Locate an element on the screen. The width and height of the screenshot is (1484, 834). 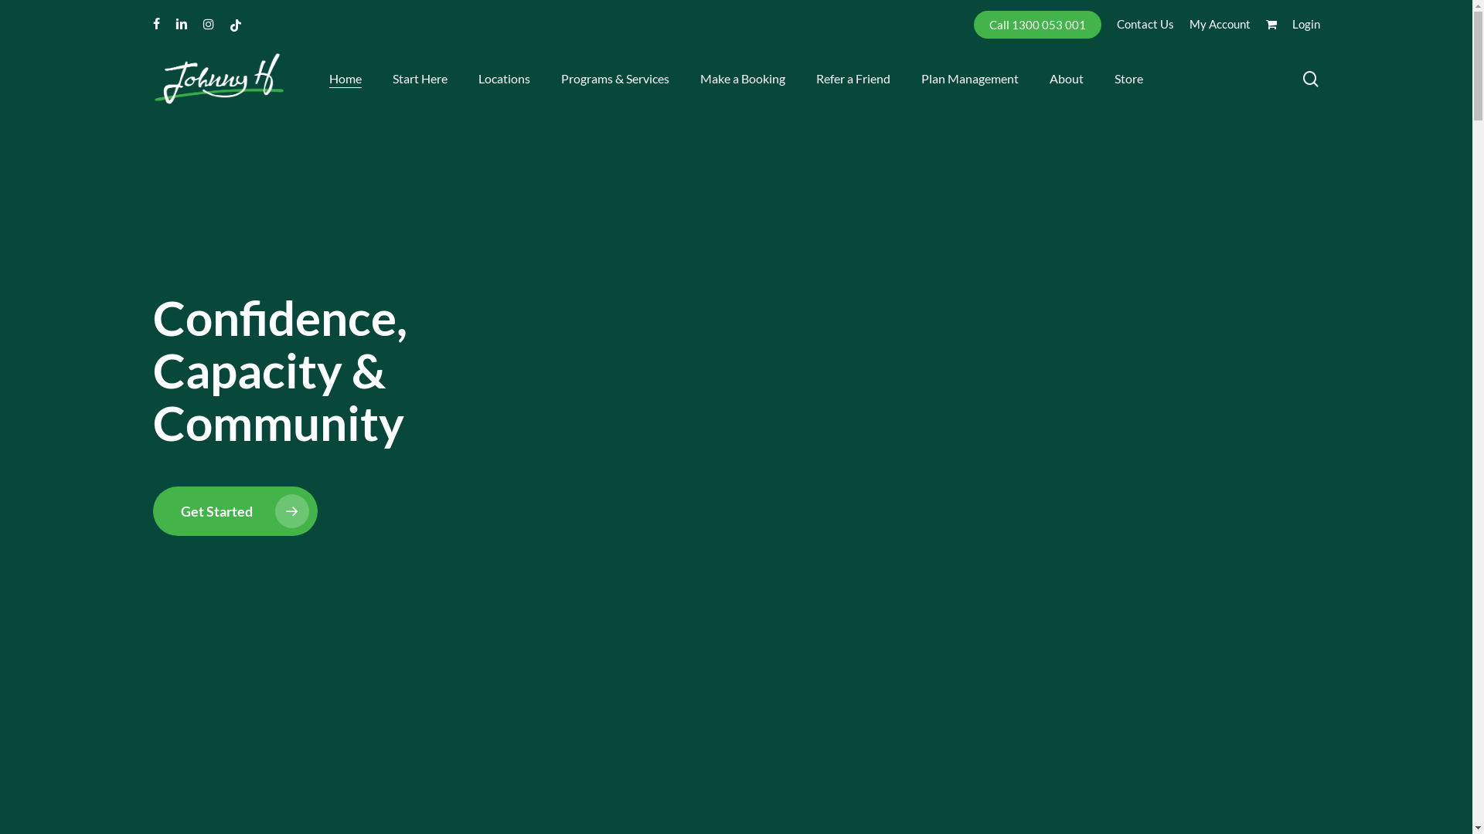
'instagram' is located at coordinates (202, 23).